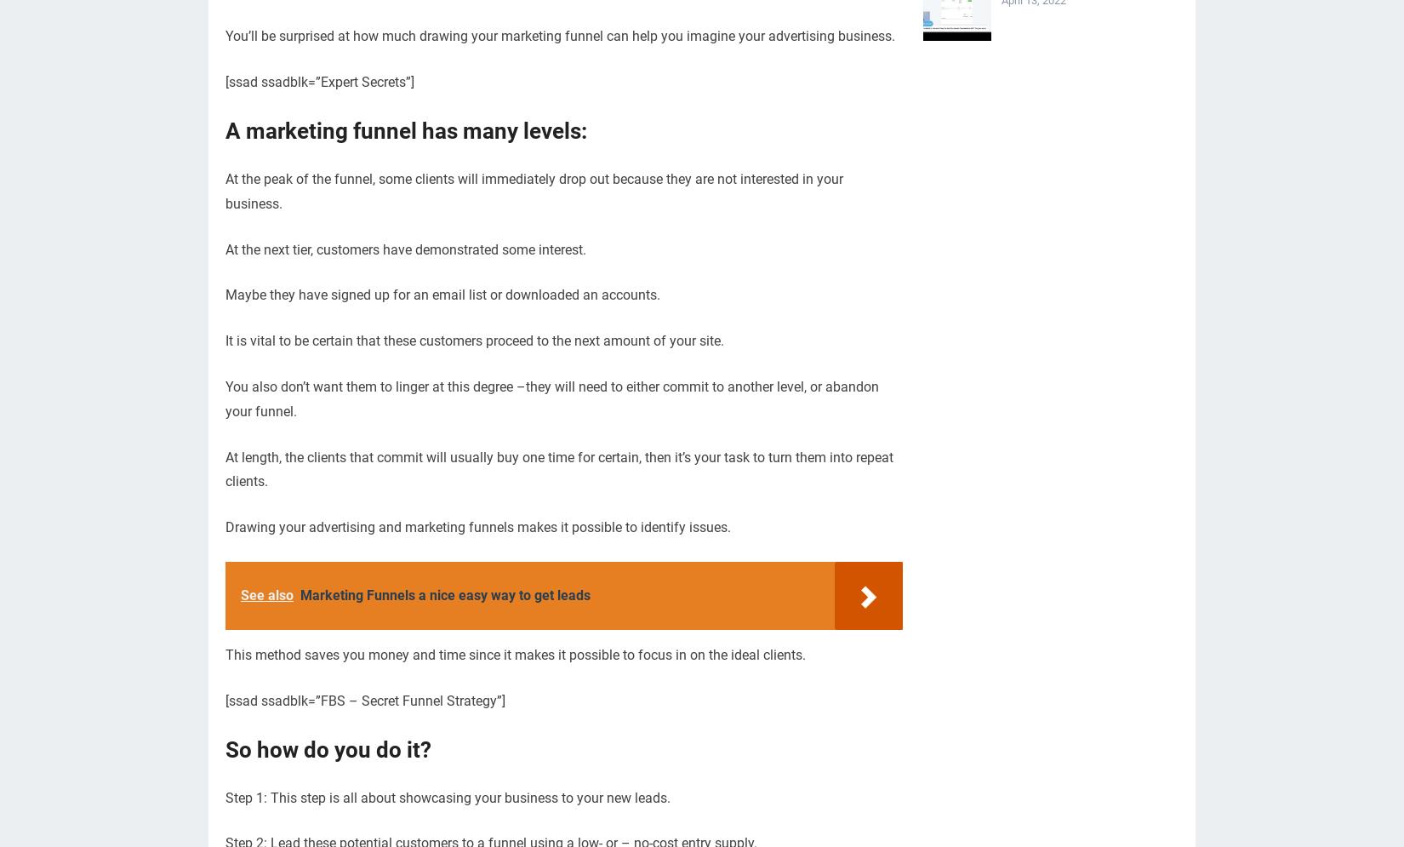 The image size is (1404, 847). What do you see at coordinates (447, 797) in the screenshot?
I see `'Step 1: This step is all about showcasing your business to your new leads.'` at bounding box center [447, 797].